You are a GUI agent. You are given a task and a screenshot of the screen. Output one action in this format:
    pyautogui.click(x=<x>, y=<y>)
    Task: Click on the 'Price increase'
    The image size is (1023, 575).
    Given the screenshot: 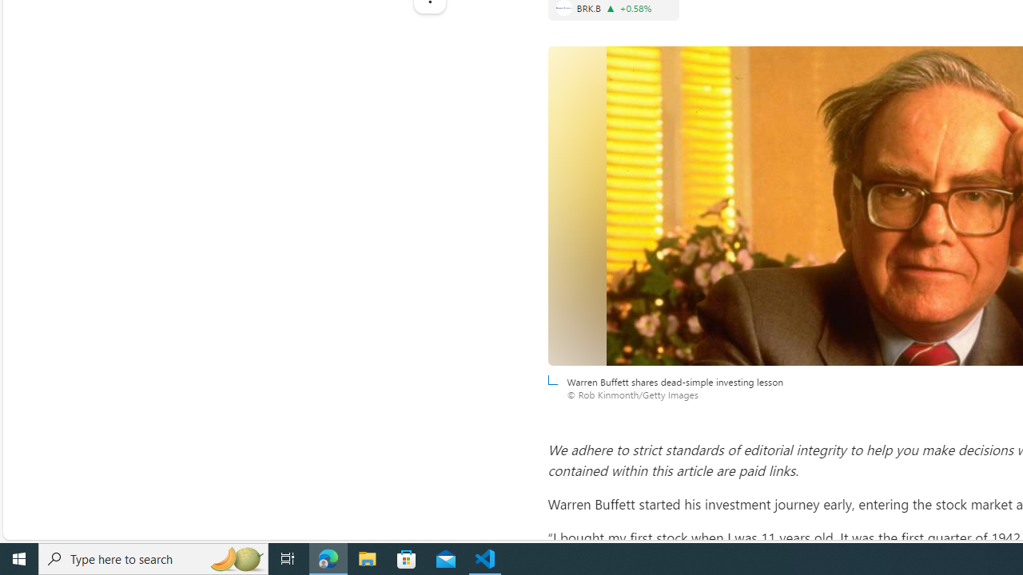 What is the action you would take?
    pyautogui.click(x=610, y=8)
    